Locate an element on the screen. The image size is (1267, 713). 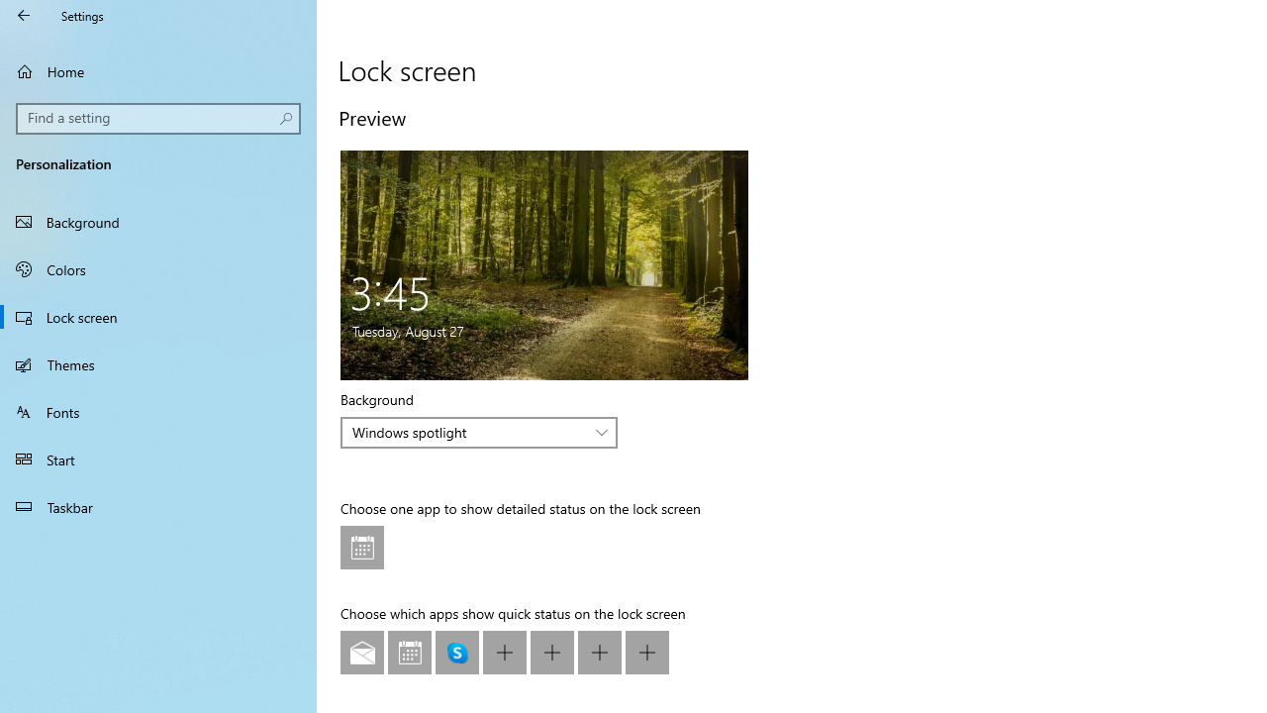
'Search box, Find a setting' is located at coordinates (158, 118).